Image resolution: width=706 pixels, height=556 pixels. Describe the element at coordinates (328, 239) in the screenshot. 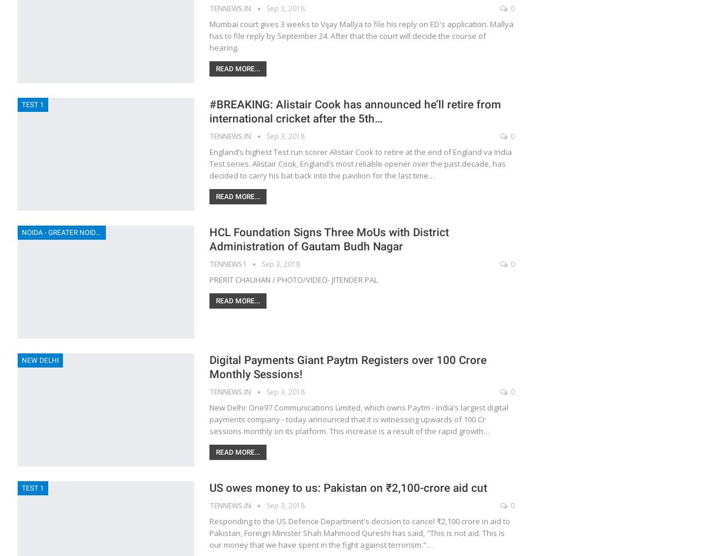

I see `'HCL Foundation Signs Three MoUs with District Administration of Gautam Budh Nagar'` at that location.